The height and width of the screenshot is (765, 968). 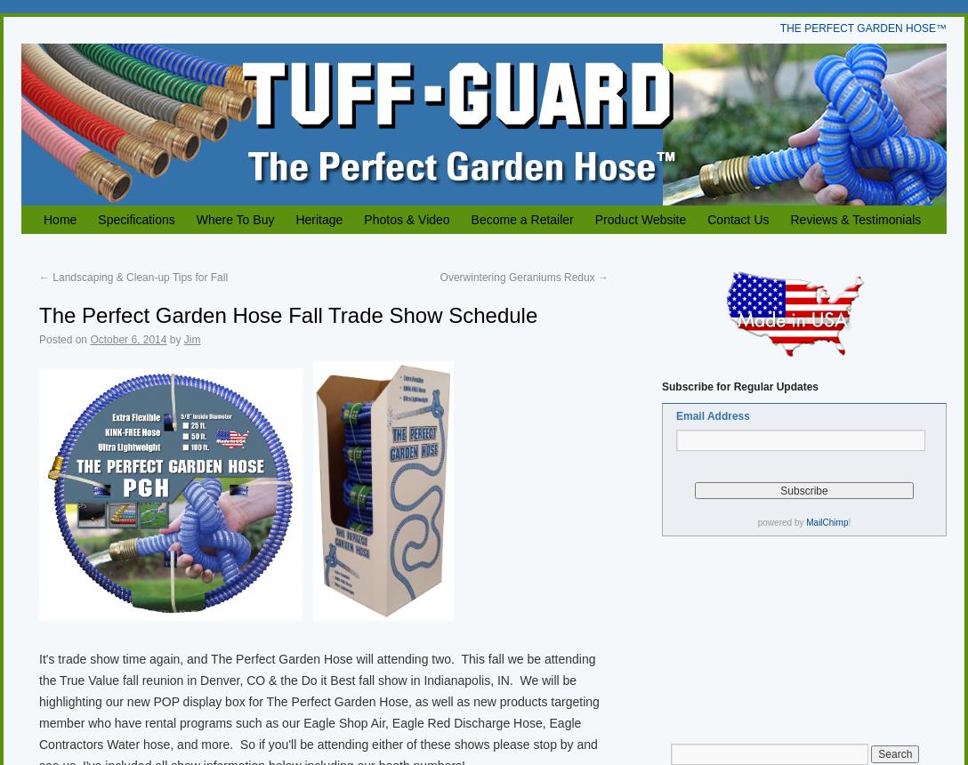 I want to click on '!', so click(x=848, y=521).